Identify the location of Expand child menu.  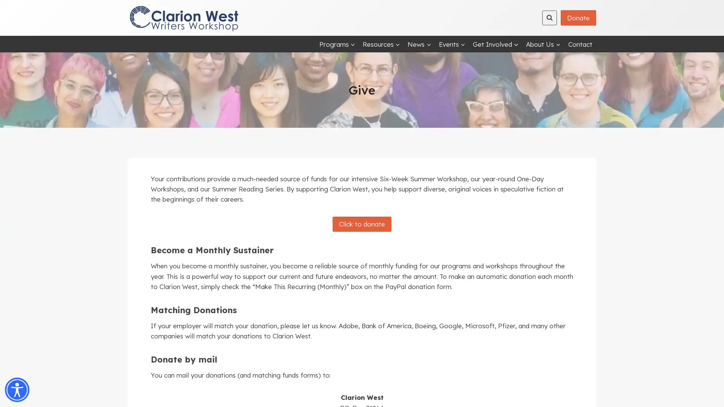
(452, 44).